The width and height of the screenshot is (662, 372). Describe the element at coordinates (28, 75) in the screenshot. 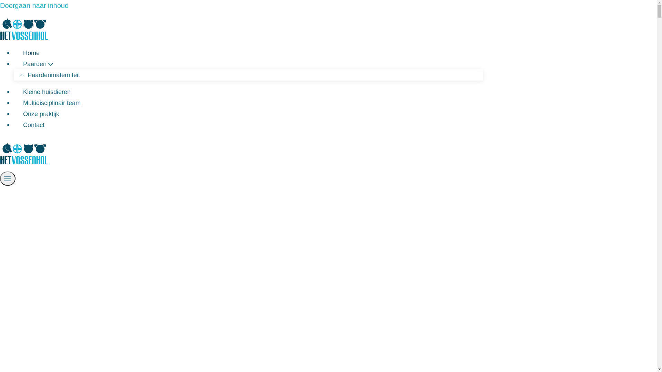

I see `'Paardenmaterniteit'` at that location.